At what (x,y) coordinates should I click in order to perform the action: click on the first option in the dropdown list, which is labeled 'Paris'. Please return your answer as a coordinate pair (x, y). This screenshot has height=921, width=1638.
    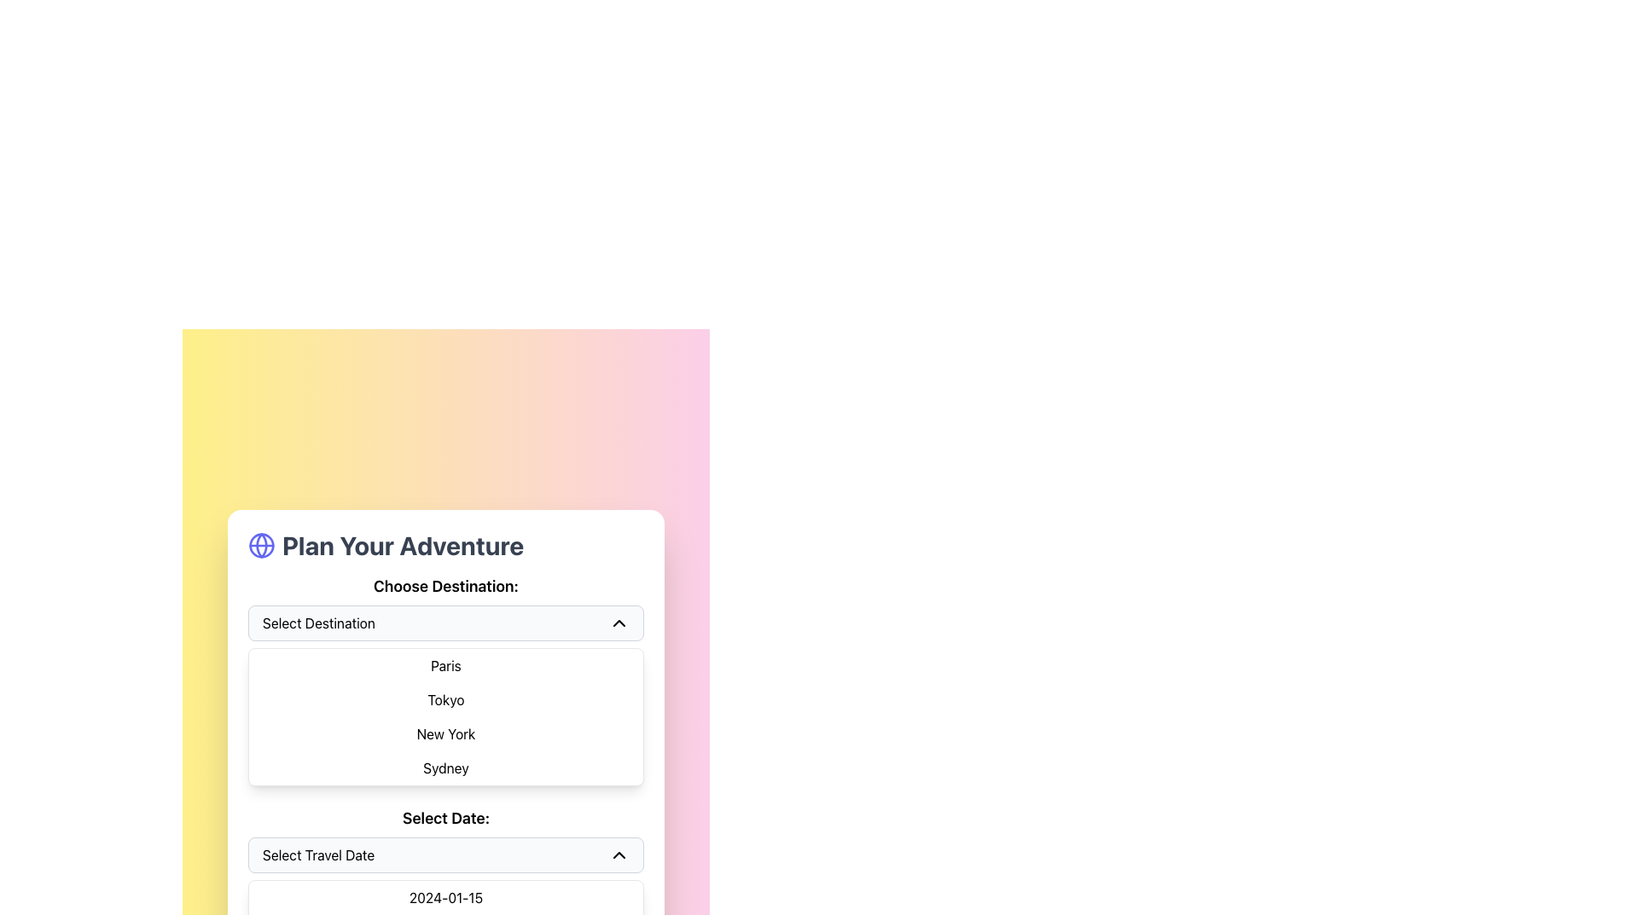
    Looking at the image, I should click on (446, 664).